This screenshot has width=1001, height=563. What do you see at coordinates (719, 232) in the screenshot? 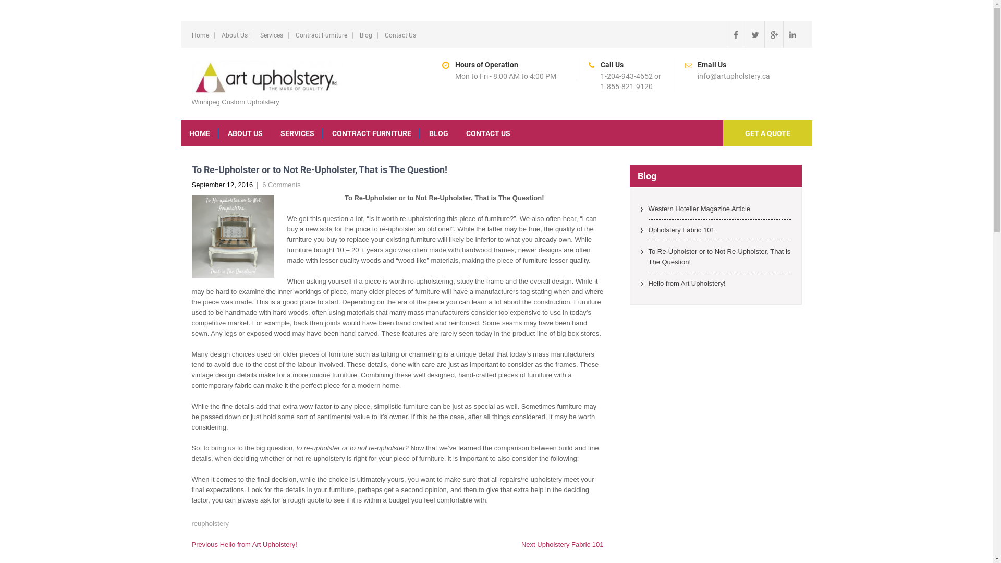
I see `'Upholstery Fabric 101'` at bounding box center [719, 232].